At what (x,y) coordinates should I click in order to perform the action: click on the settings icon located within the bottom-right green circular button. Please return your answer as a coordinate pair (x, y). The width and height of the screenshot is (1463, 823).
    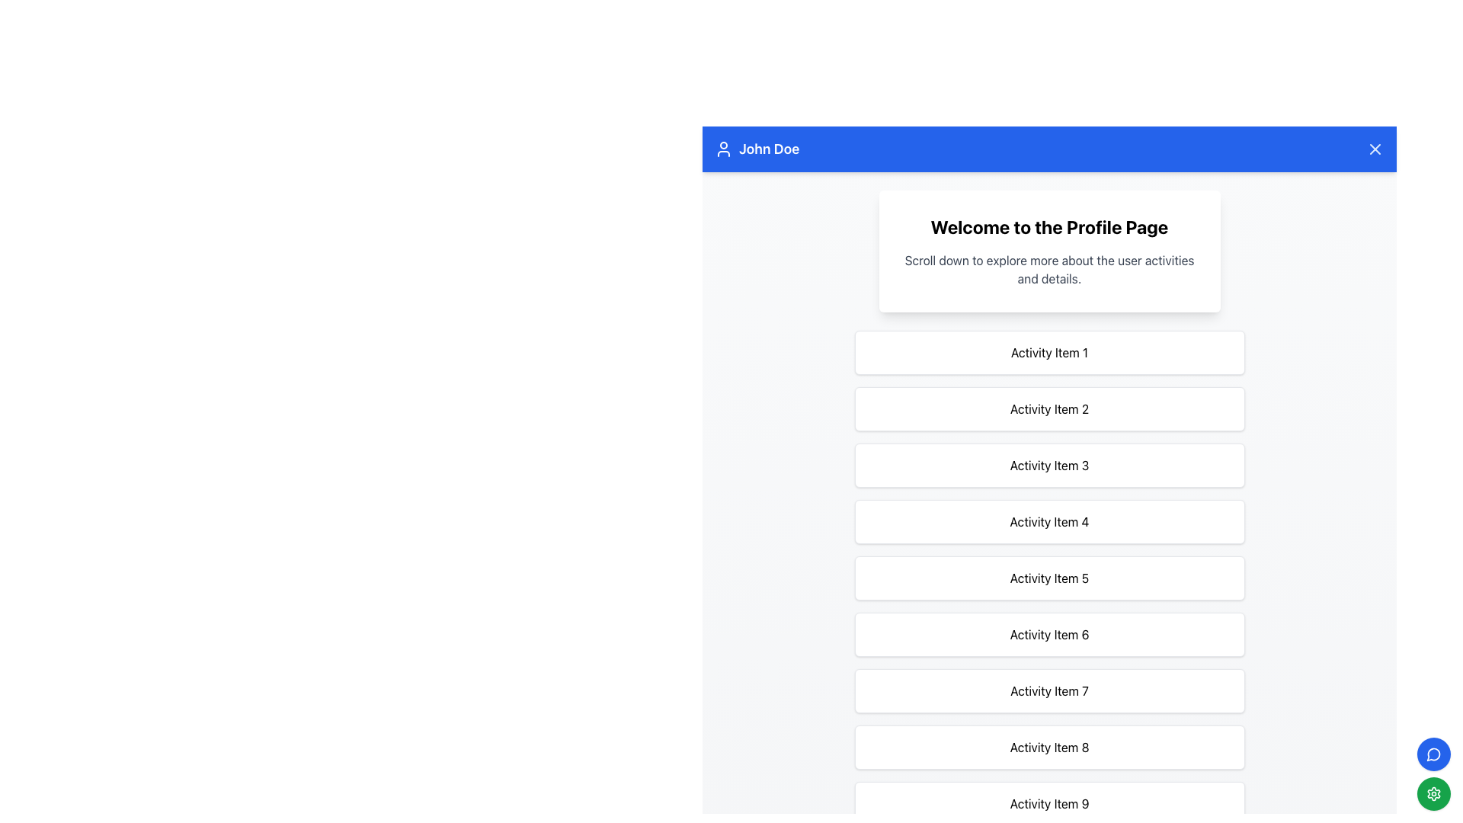
    Looking at the image, I should click on (1433, 793).